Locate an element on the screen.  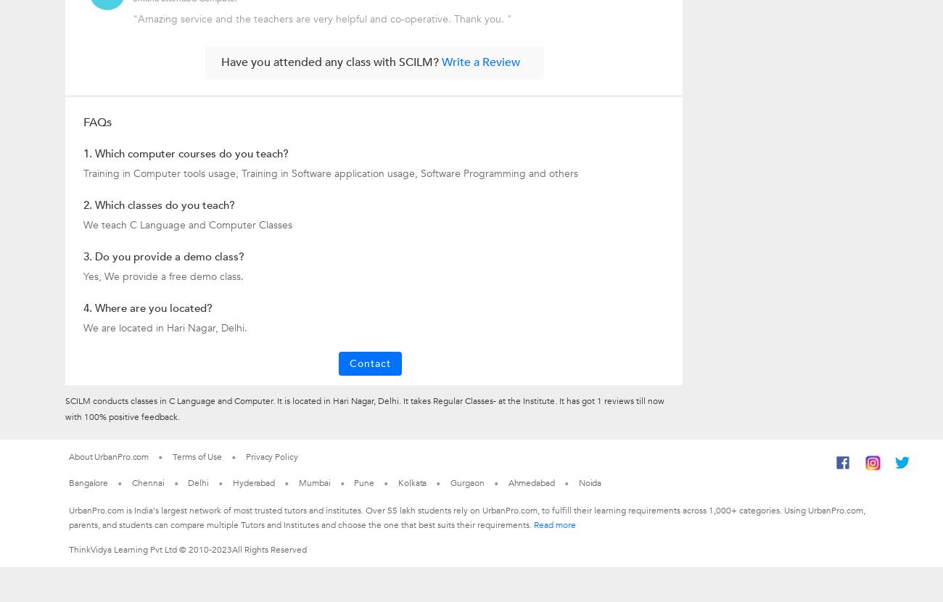
'About UrbanPro.com' is located at coordinates (108, 455).